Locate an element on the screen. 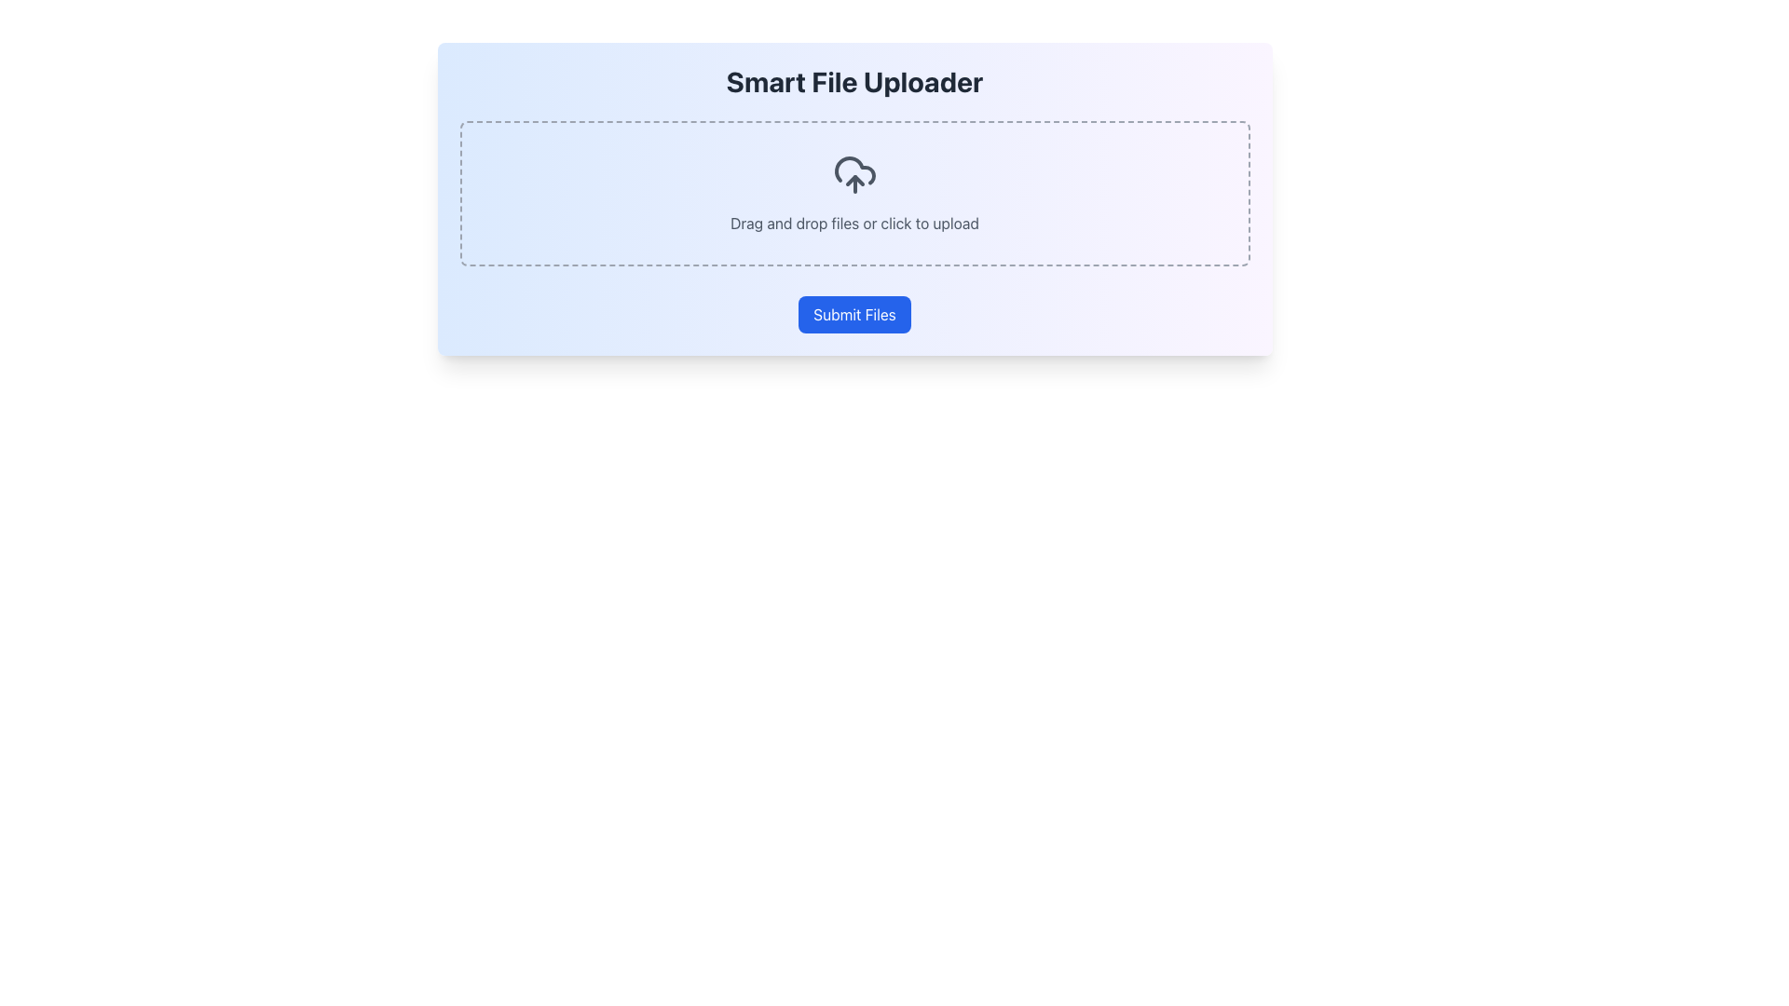 This screenshot has width=1789, height=1006. the upward-pointing arrow icon located centrally within the cloud graphic in the file upload area is located at coordinates (854, 180).